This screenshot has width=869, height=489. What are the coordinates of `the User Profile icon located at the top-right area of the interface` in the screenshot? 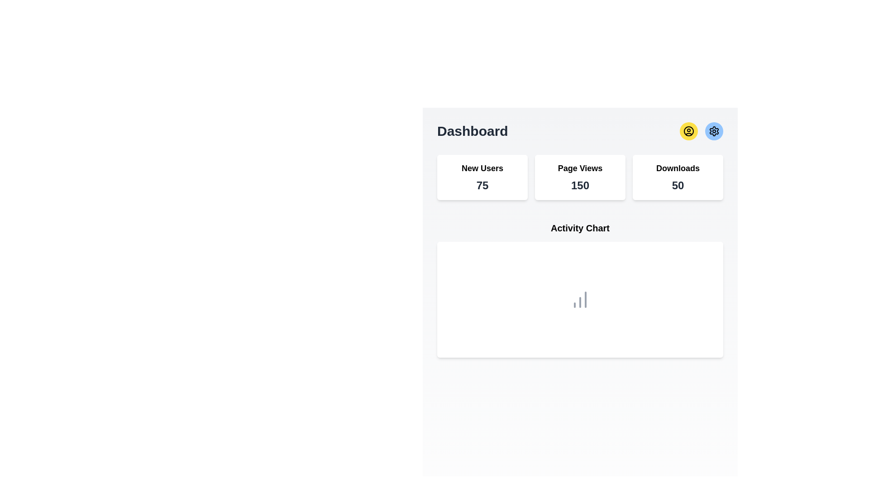 It's located at (688, 131).